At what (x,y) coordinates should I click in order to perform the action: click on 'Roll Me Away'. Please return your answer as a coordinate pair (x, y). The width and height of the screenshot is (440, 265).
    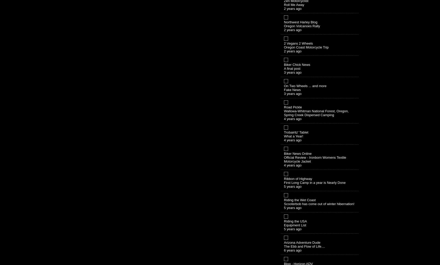
    Looking at the image, I should click on (284, 4).